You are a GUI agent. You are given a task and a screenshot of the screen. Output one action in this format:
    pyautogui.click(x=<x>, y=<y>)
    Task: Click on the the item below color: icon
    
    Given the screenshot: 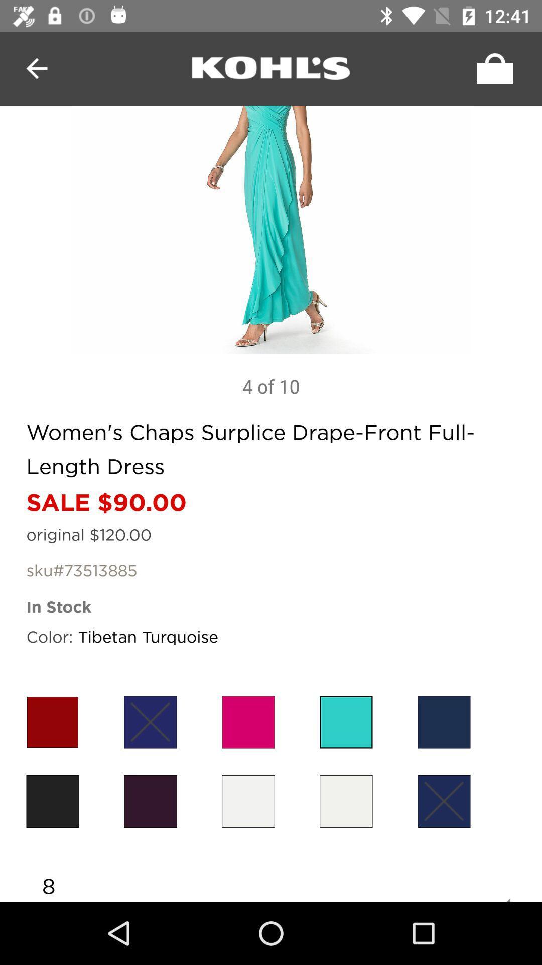 What is the action you would take?
    pyautogui.click(x=52, y=721)
    